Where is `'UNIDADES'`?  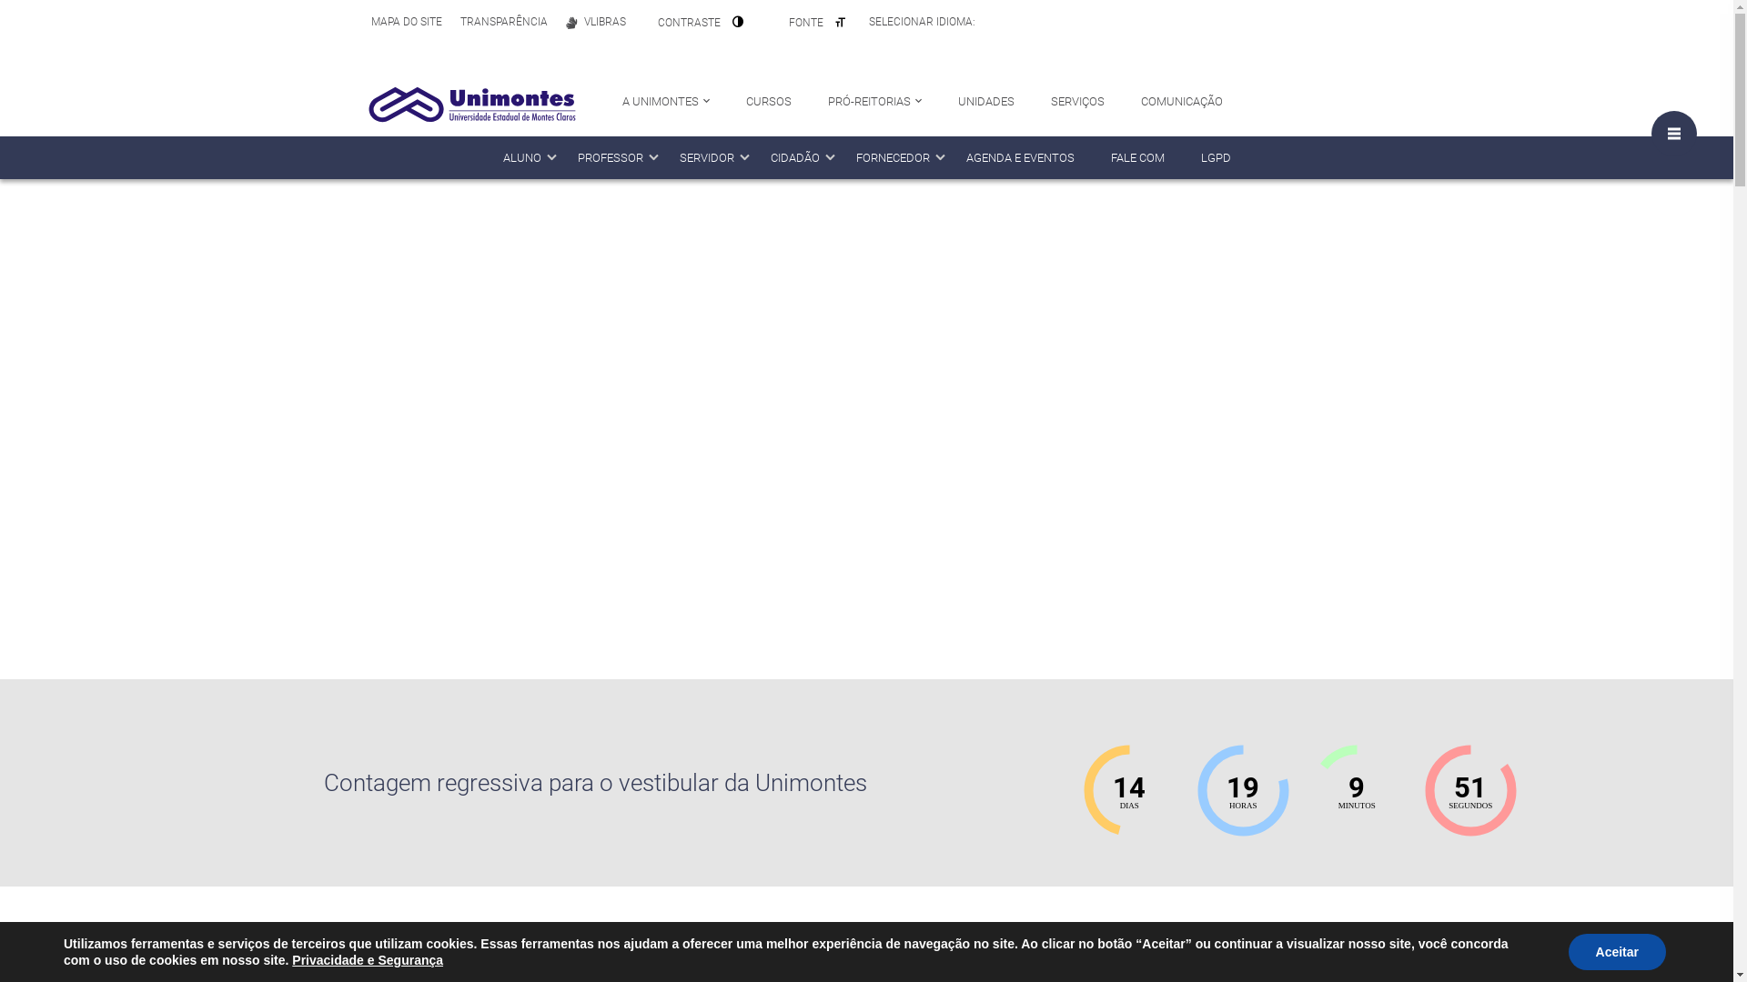
'UNIDADES' is located at coordinates (985, 102).